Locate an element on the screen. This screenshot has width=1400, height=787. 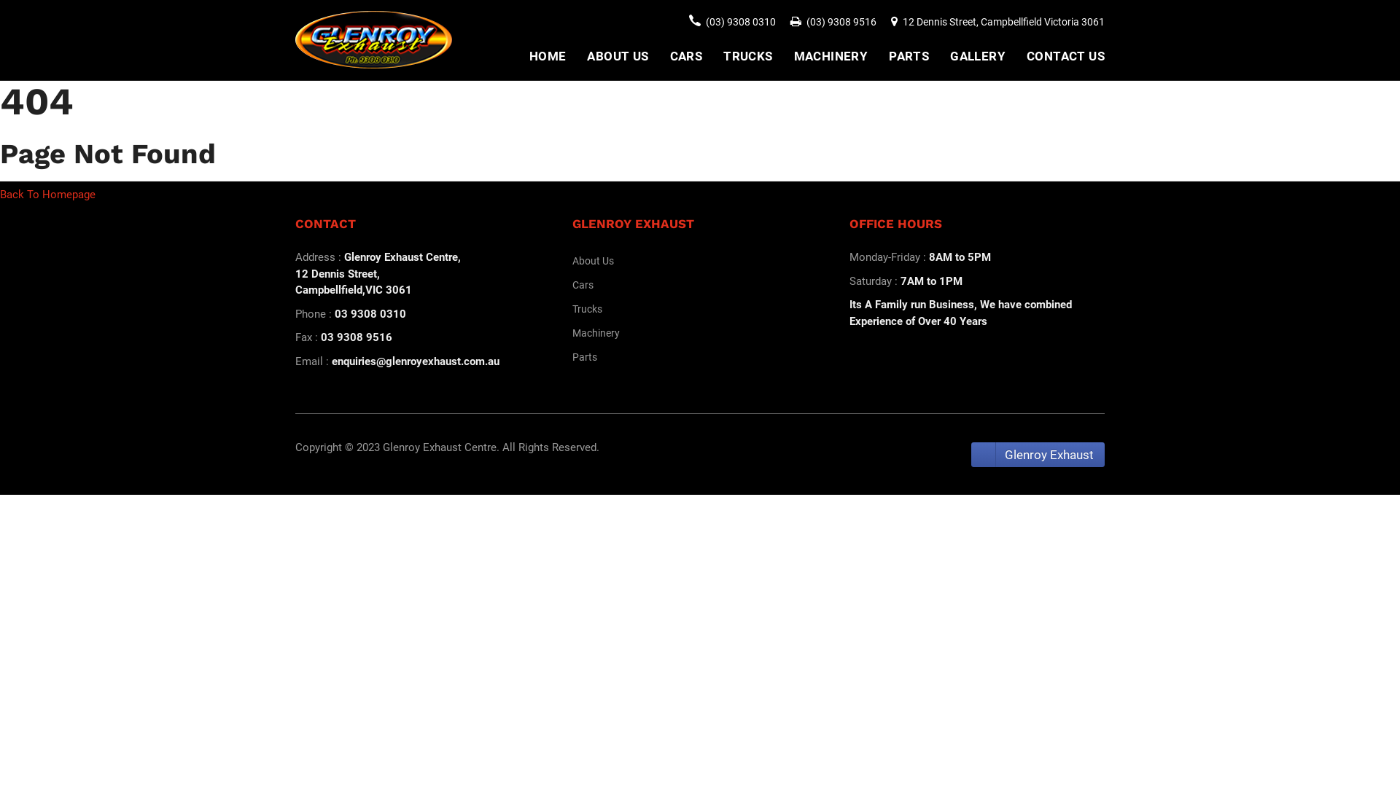
'Back To Homepage' is located at coordinates (47, 193).